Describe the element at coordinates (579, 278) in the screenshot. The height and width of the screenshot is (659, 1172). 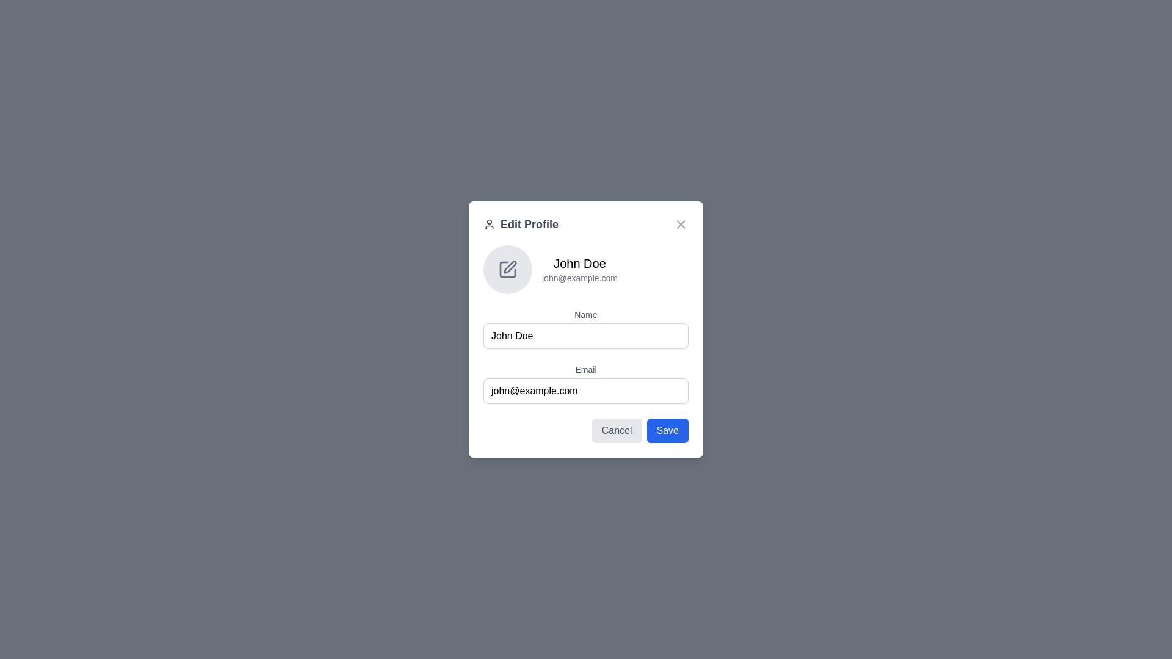
I see `the informational text label displaying the email address of user 'John Doe' within the 'Edit Profile' modal` at that location.